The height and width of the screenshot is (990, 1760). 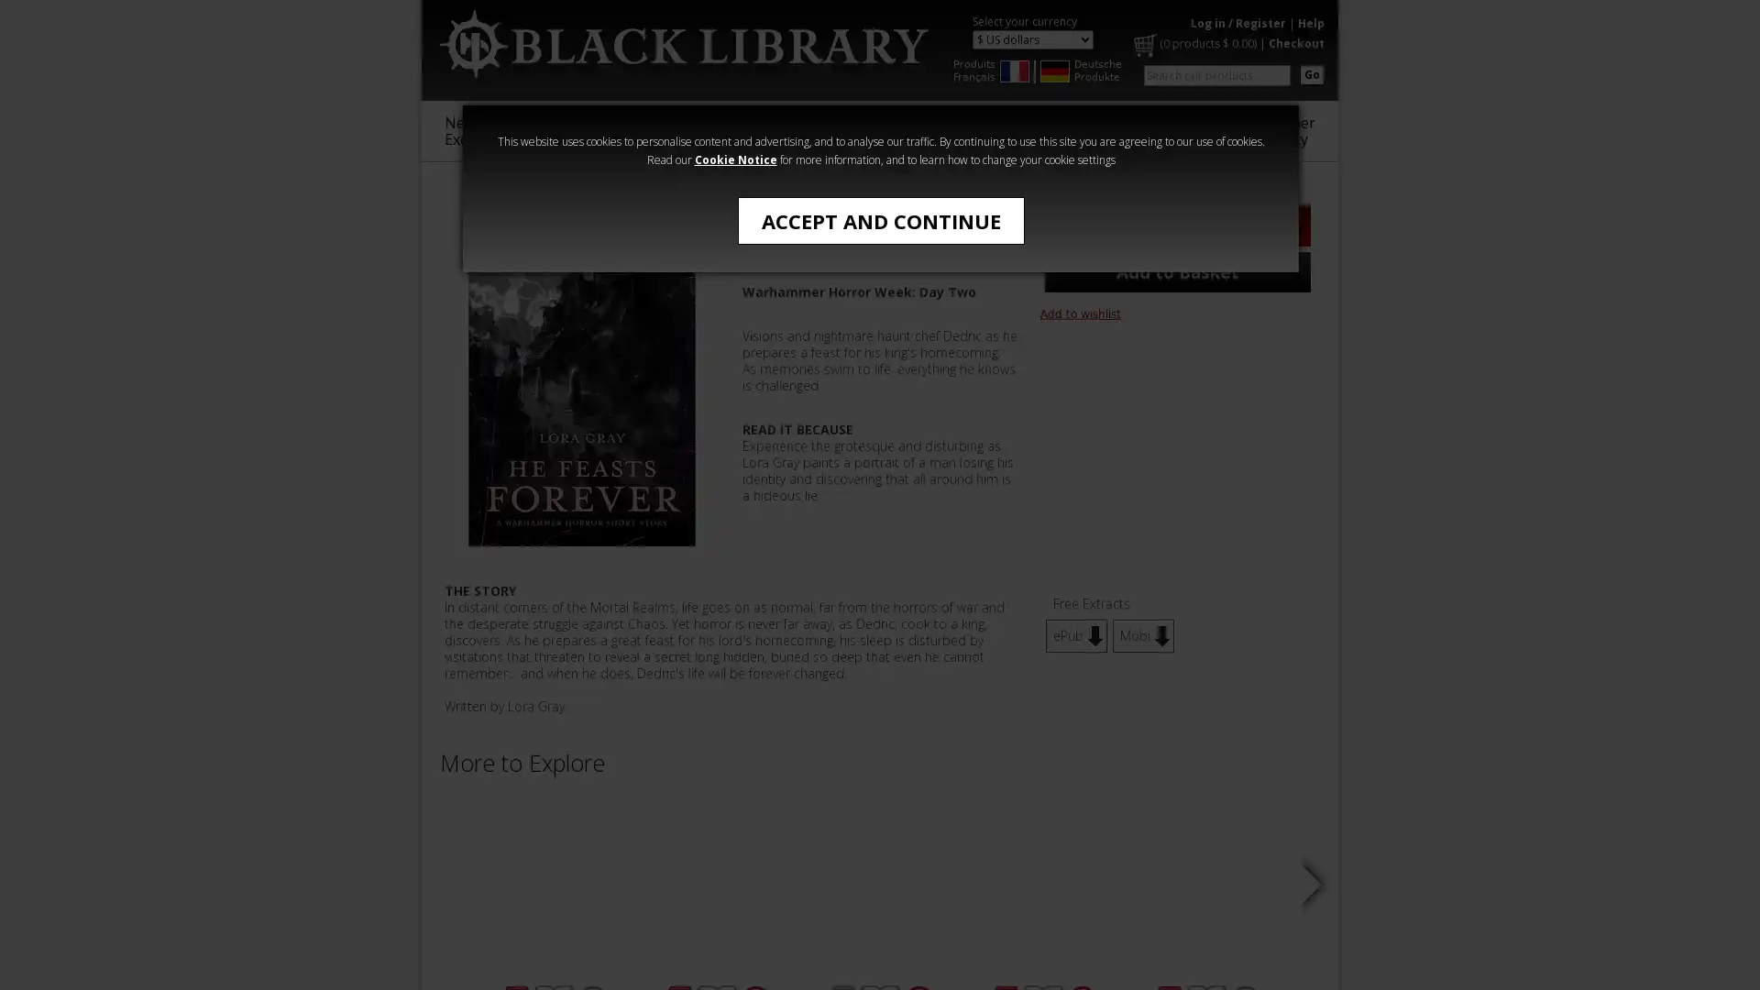 I want to click on Add to Basket, so click(x=1178, y=272).